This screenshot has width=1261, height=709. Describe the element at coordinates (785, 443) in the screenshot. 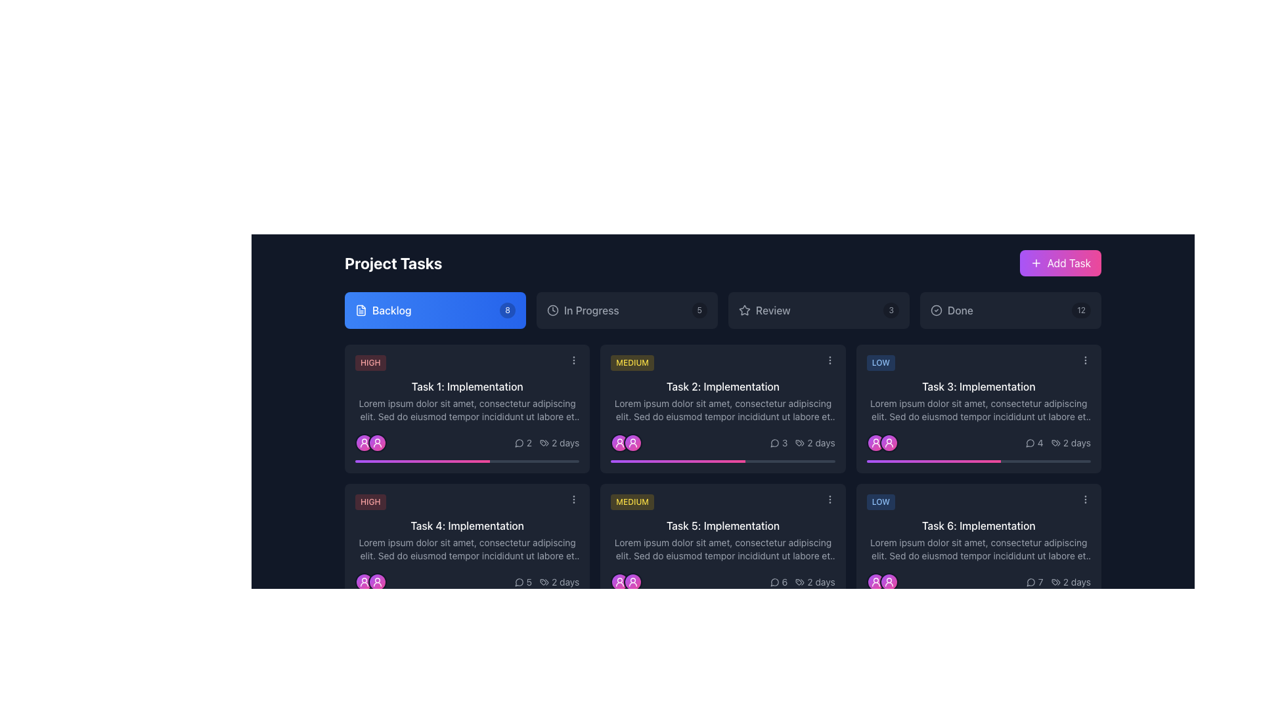

I see `the text label displaying the number '3', which is styled in light gray and positioned to the right of a speech bubble icon within the 'Task 2: Implementation' card` at that location.